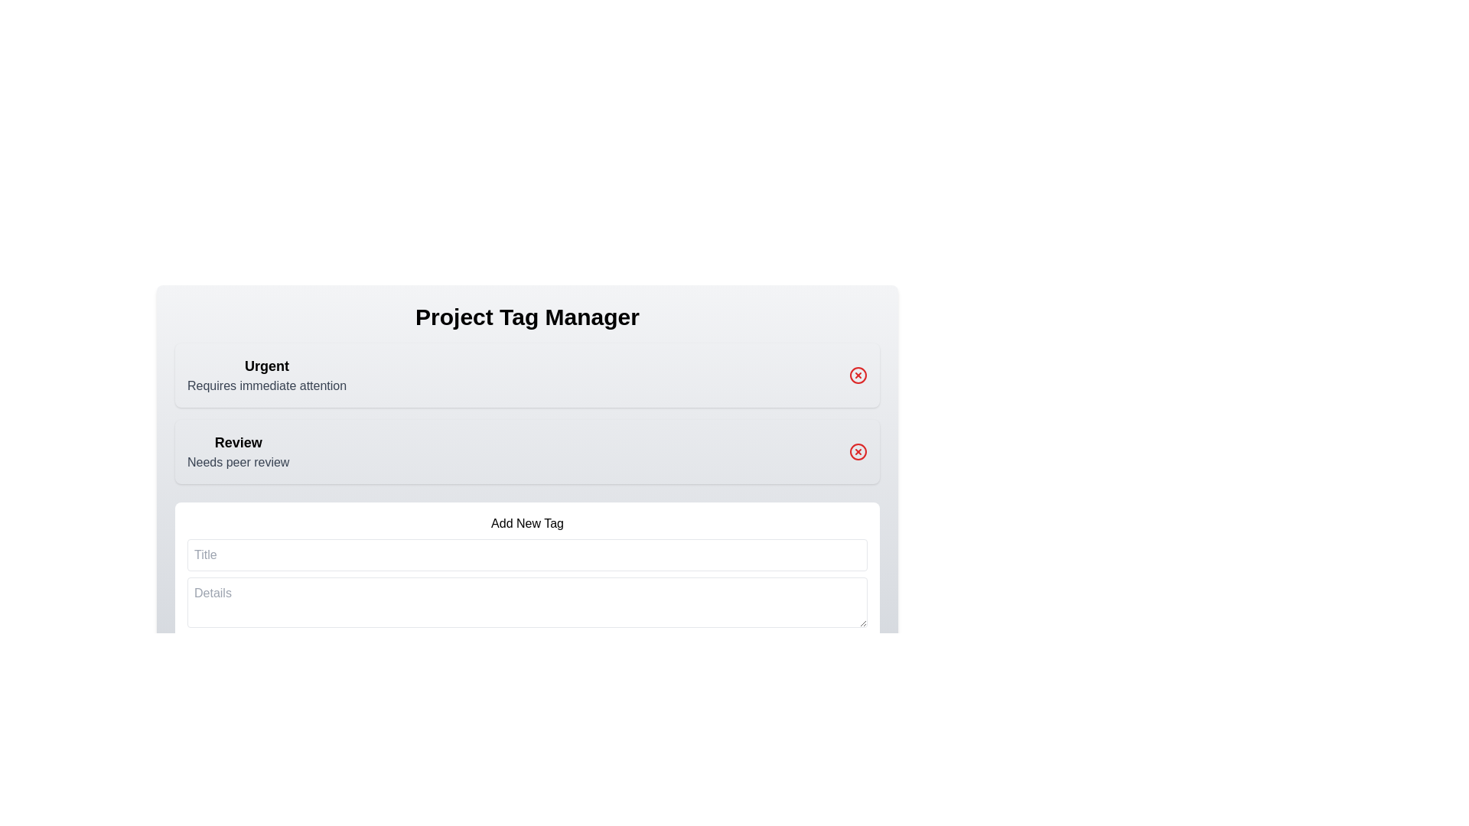 This screenshot has width=1469, height=826. What do you see at coordinates (267, 366) in the screenshot?
I see `the text label displaying 'Urgent' in bold and larger font size, located in the upper left section of the 'Project Tag Manager' section` at bounding box center [267, 366].